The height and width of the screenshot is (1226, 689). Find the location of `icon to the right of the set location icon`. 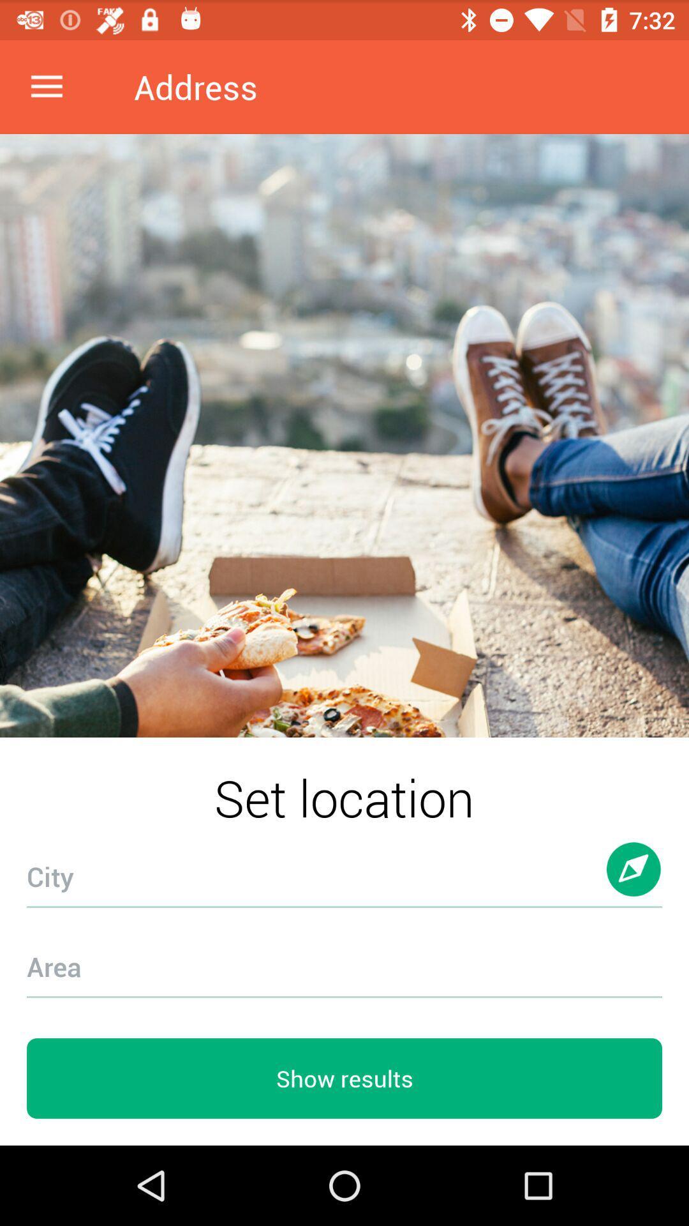

icon to the right of the set location icon is located at coordinates (634, 881).